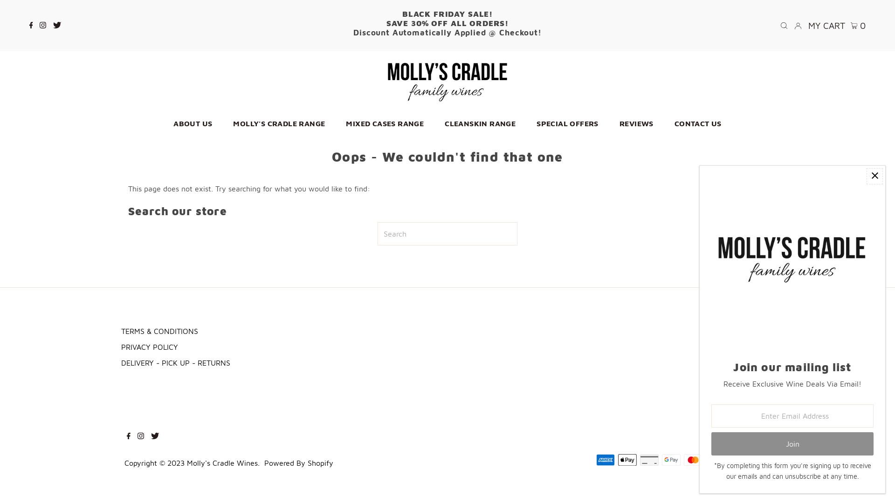 This screenshot has width=895, height=503. Describe the element at coordinates (385, 123) in the screenshot. I see `'MIXED CASES RANGE'` at that location.